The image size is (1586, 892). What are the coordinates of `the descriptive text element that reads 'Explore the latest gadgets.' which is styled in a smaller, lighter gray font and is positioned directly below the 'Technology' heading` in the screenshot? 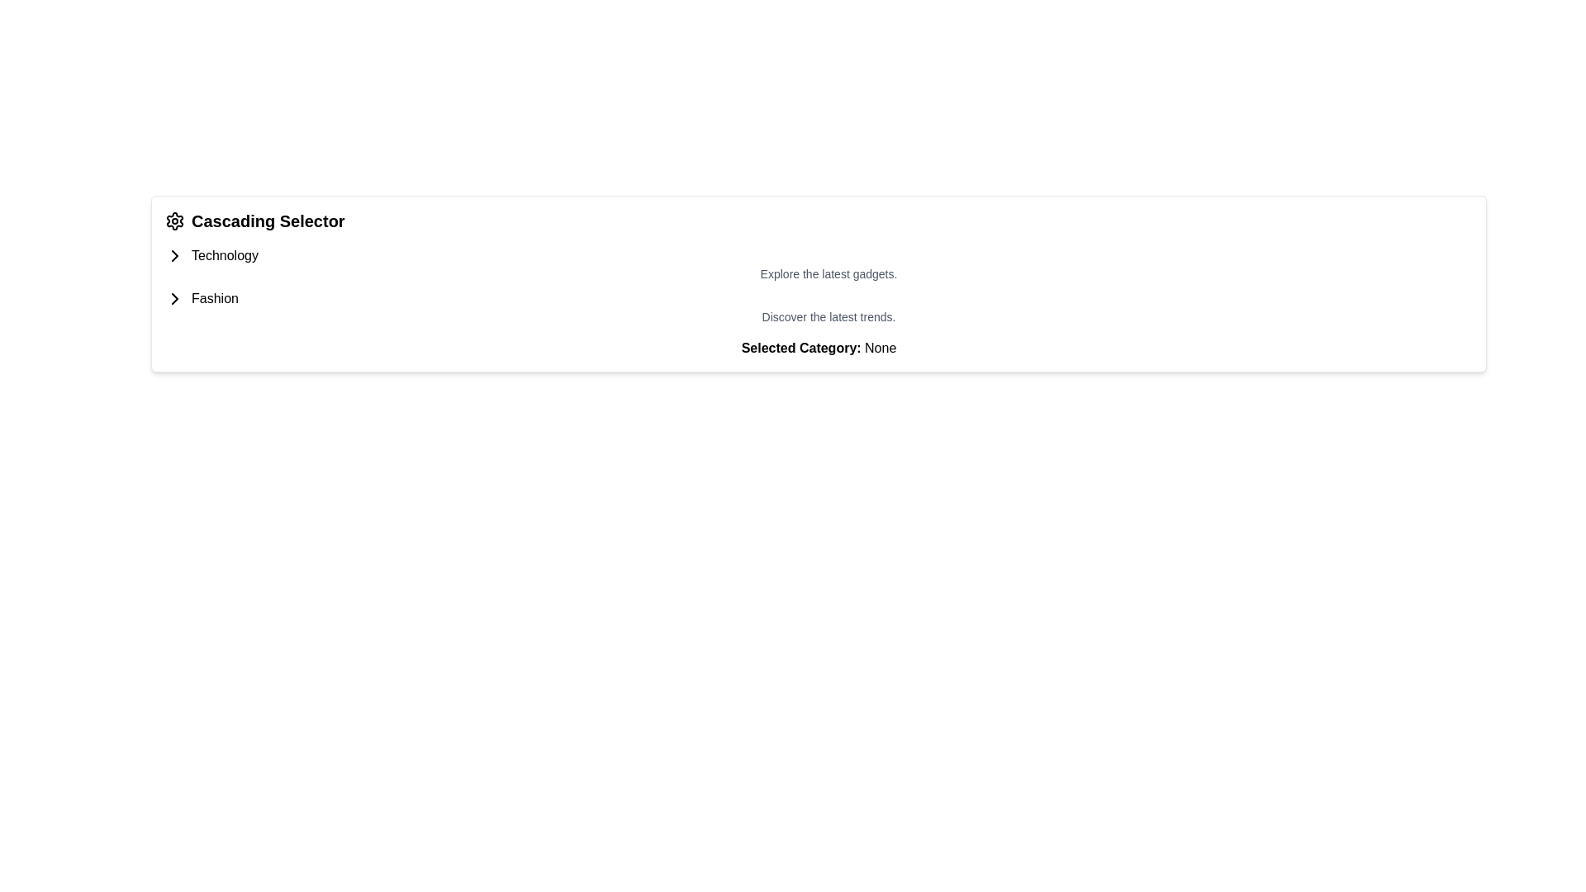 It's located at (819, 263).